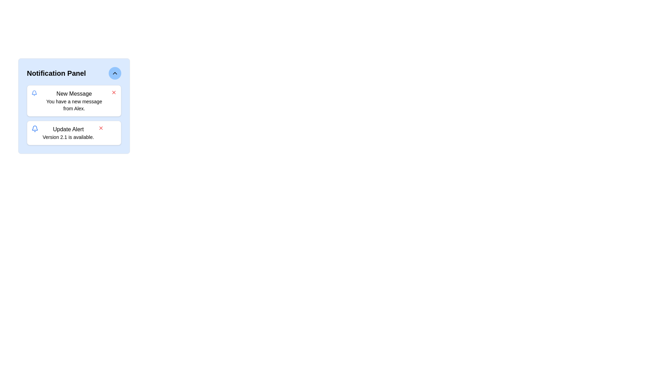 The height and width of the screenshot is (377, 671). Describe the element at coordinates (115, 73) in the screenshot. I see `the downward-facing chevron icon within the blue circular button located in the top-right corner of the main notification panel` at that location.